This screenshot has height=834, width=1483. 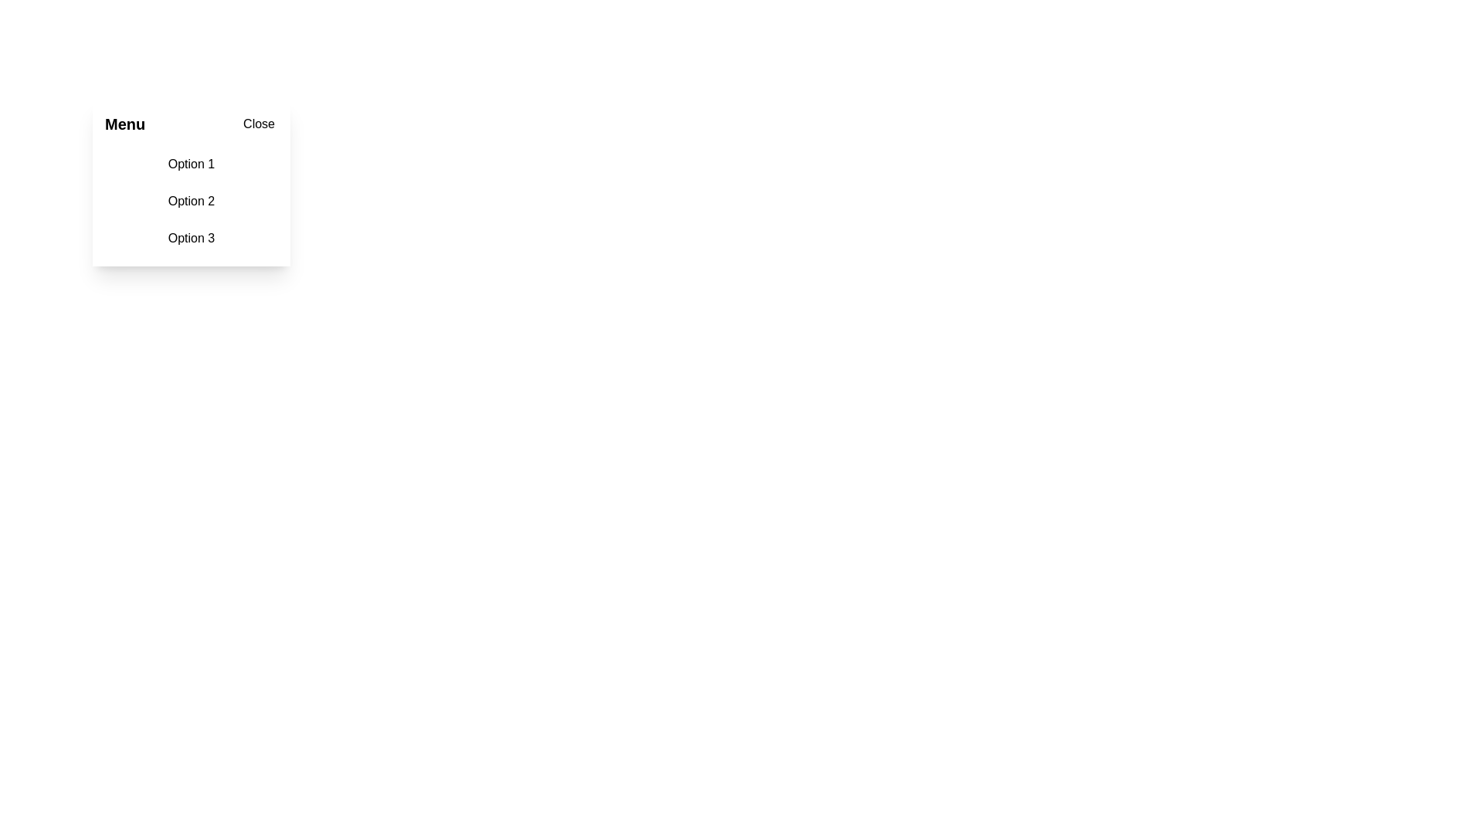 I want to click on the diagonal line of the 'Close' icon in the top-right corner, which is styled as a thin stroke with rounded edges and part of an 'X' icon, so click(x=107, y=115).